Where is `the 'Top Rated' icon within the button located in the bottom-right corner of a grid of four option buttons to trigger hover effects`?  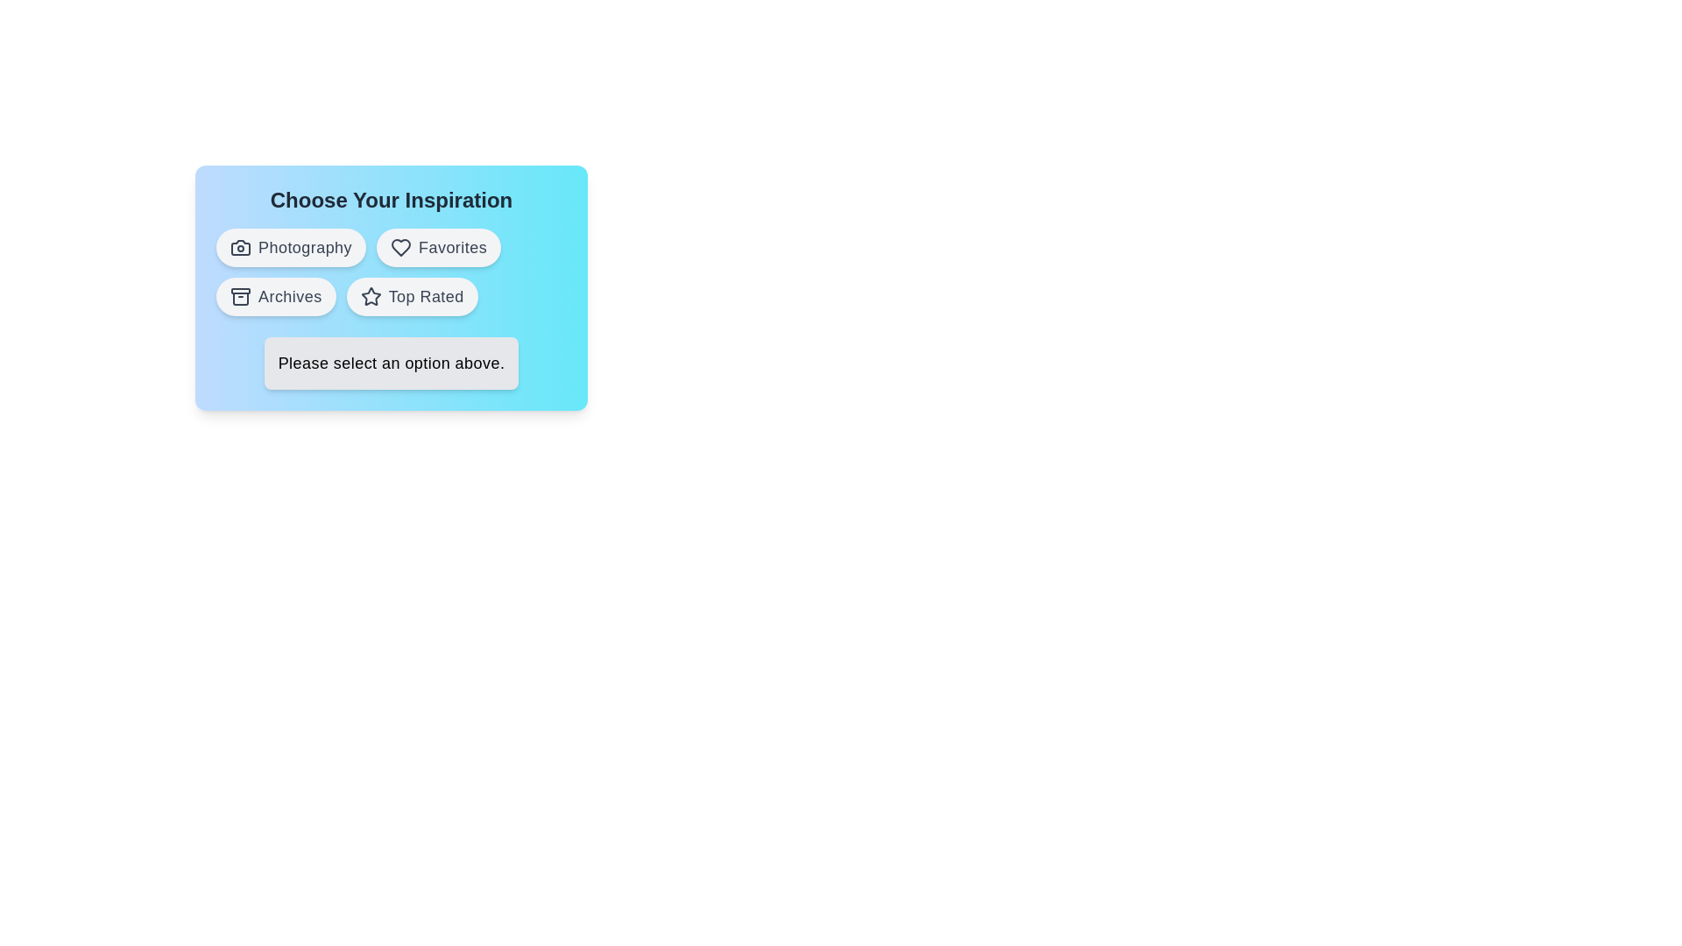 the 'Top Rated' icon within the button located in the bottom-right corner of a grid of four option buttons to trigger hover effects is located at coordinates (370, 295).